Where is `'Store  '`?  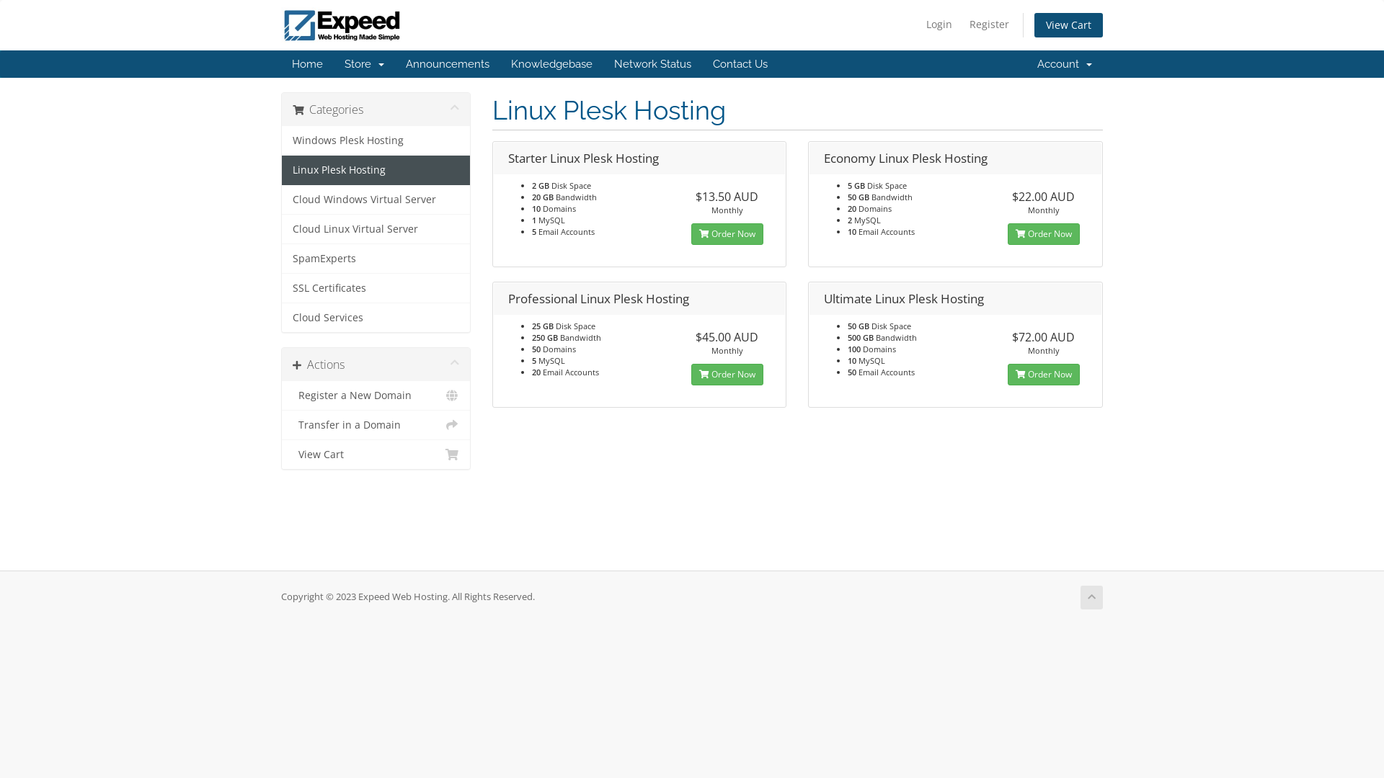
'Store  ' is located at coordinates (364, 63).